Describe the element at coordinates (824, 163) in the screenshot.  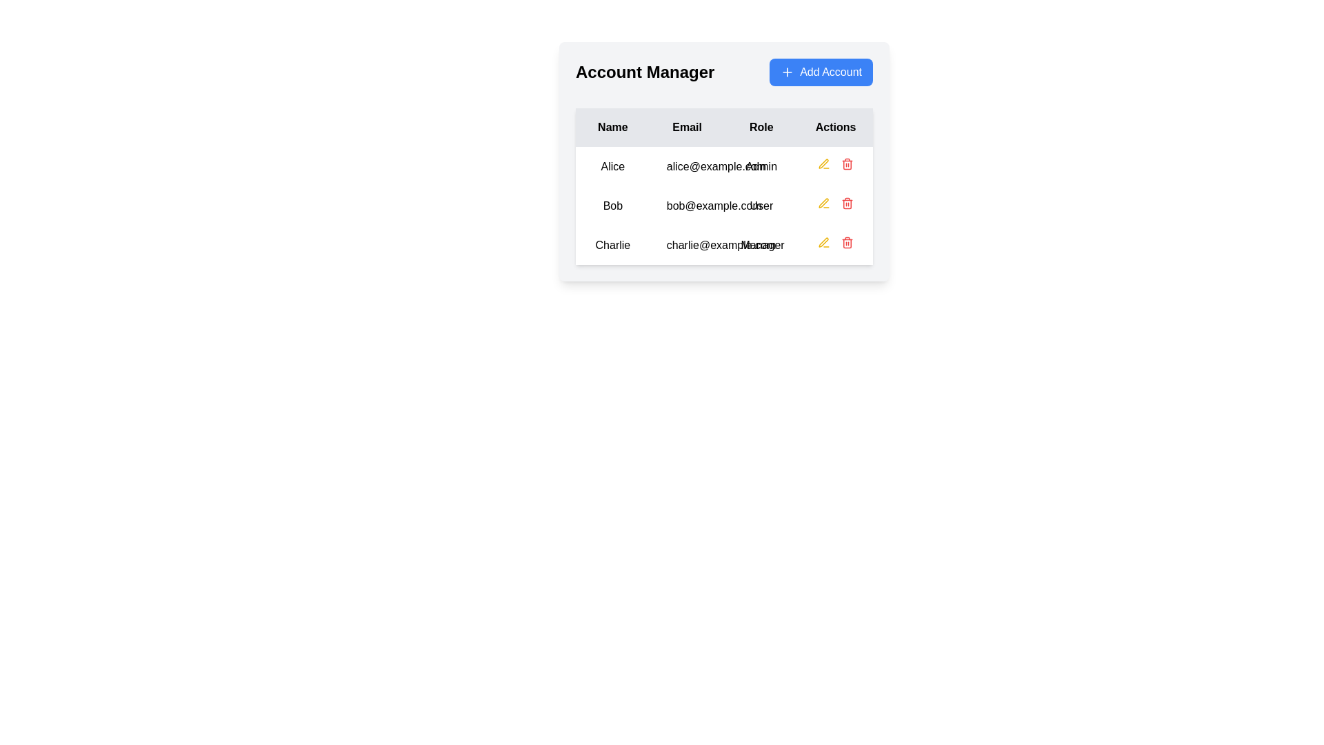
I see `the pencil icon in the 'Actions' column of the second data row to initiate the edit action for the corresponding user` at that location.